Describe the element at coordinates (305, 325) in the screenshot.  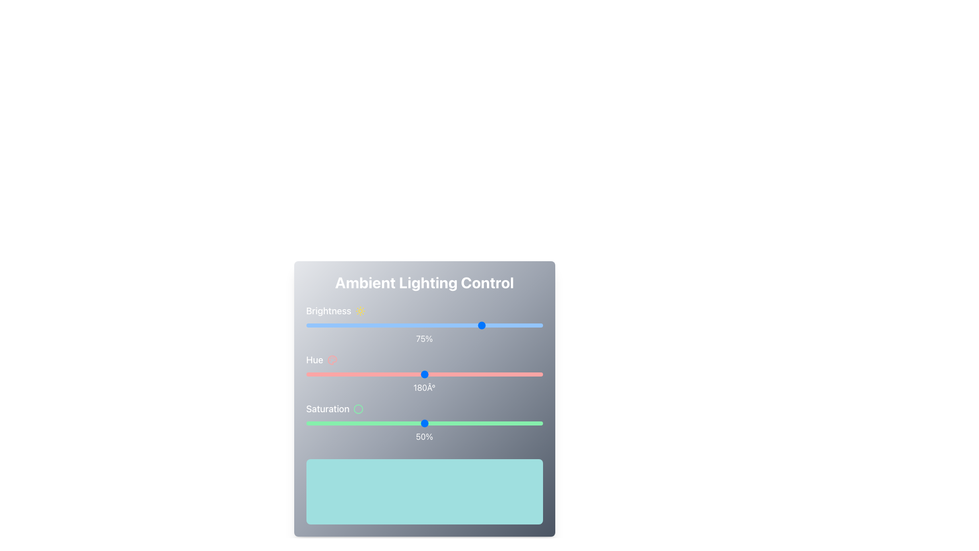
I see `brightness` at that location.